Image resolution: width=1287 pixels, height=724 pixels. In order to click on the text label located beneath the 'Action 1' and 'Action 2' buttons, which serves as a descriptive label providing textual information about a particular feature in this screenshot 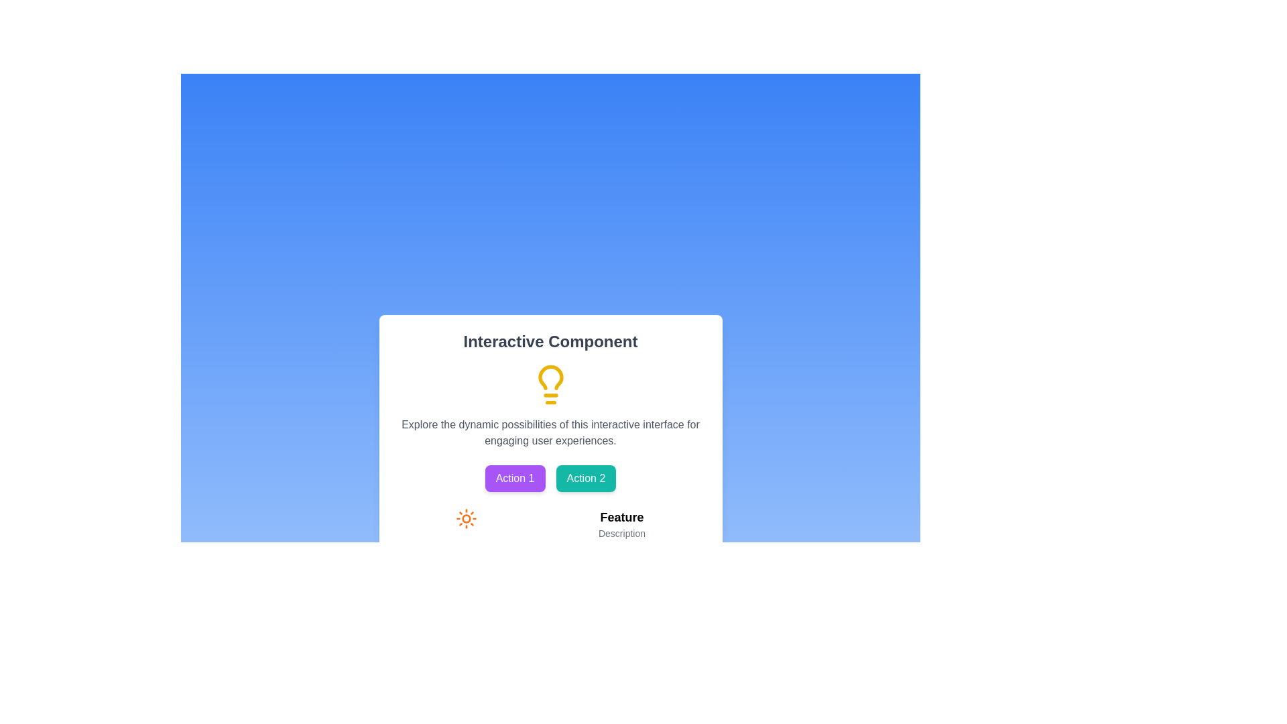, I will do `click(621, 524)`.